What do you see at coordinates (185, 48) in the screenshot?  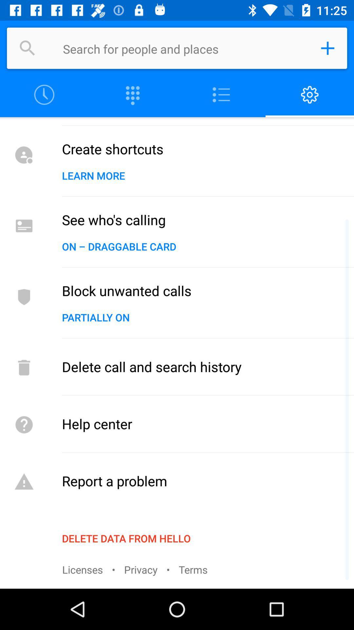 I see `search for people/places` at bounding box center [185, 48].